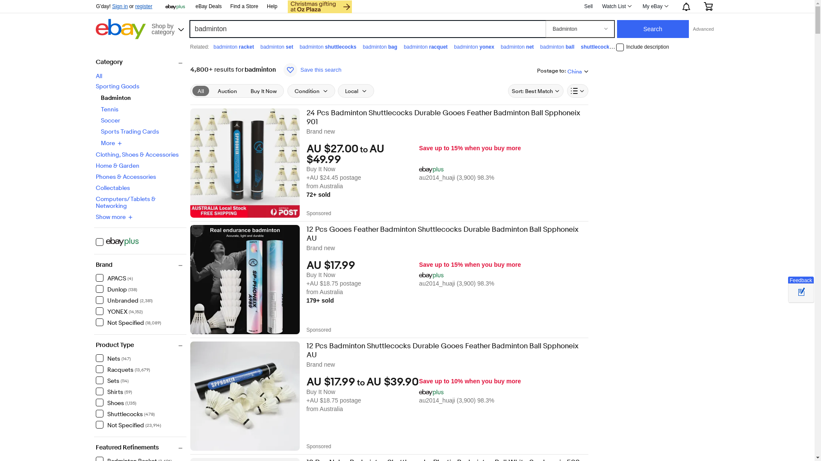 The image size is (821, 461). What do you see at coordinates (112, 187) in the screenshot?
I see `'Collectables'` at bounding box center [112, 187].